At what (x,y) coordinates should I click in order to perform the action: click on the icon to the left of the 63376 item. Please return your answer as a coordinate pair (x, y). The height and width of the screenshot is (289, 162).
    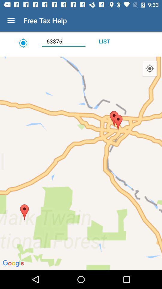
    Looking at the image, I should click on (23, 43).